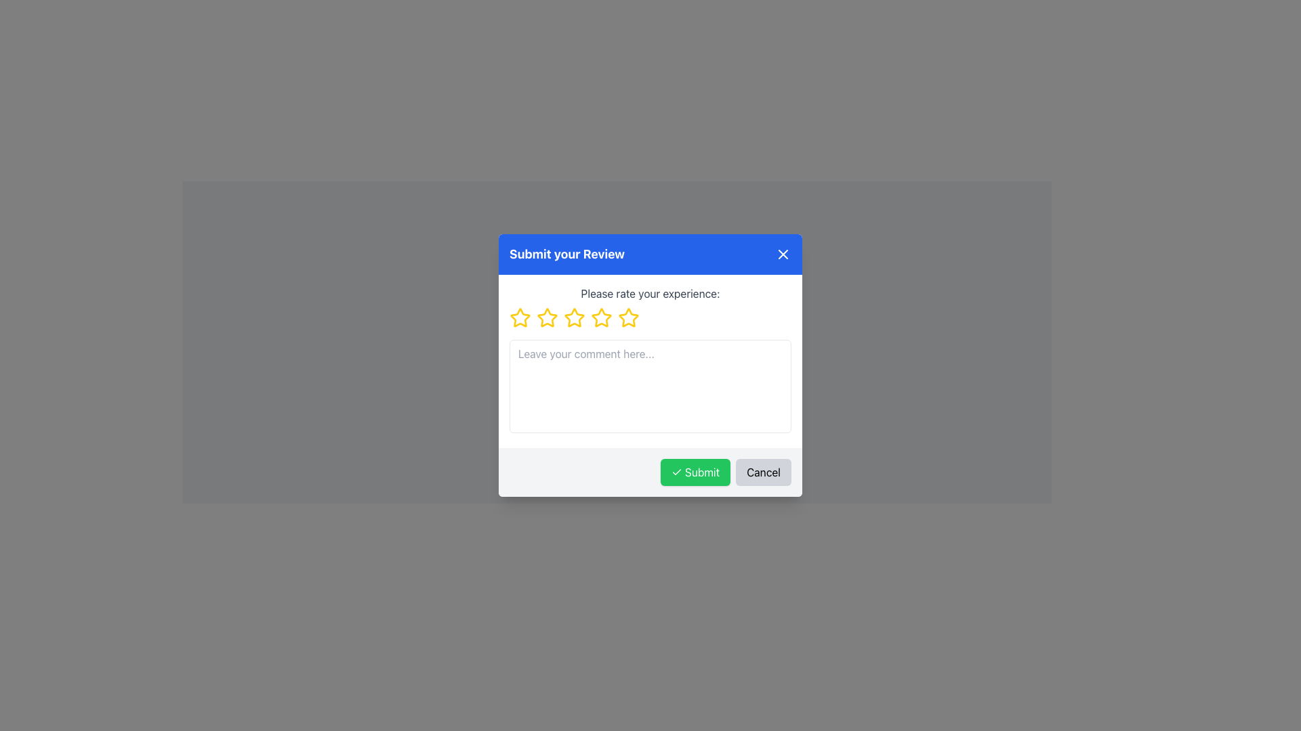 The height and width of the screenshot is (731, 1301). I want to click on the small checkmark icon located at the leftmost side of the green 'Submit' button, which features a light stroke and rounded caps, so click(676, 472).